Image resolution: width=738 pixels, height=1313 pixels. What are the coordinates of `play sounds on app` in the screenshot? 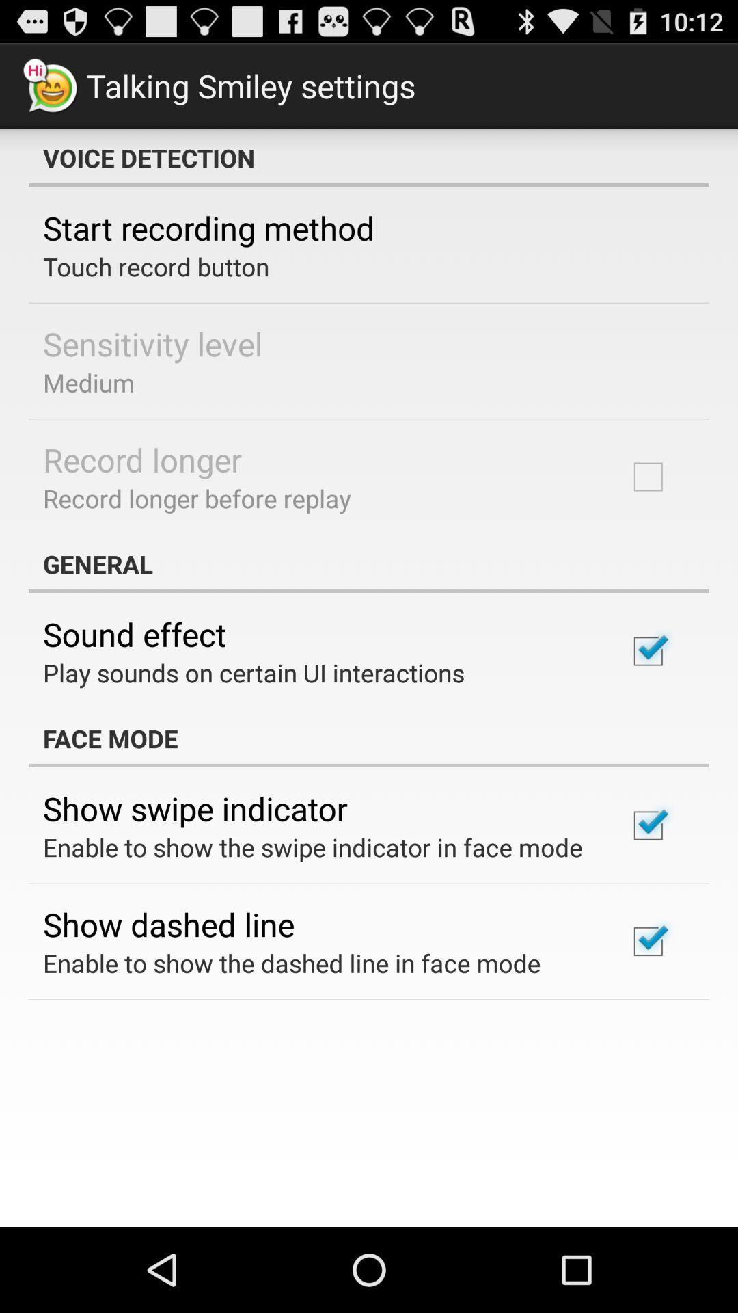 It's located at (254, 672).